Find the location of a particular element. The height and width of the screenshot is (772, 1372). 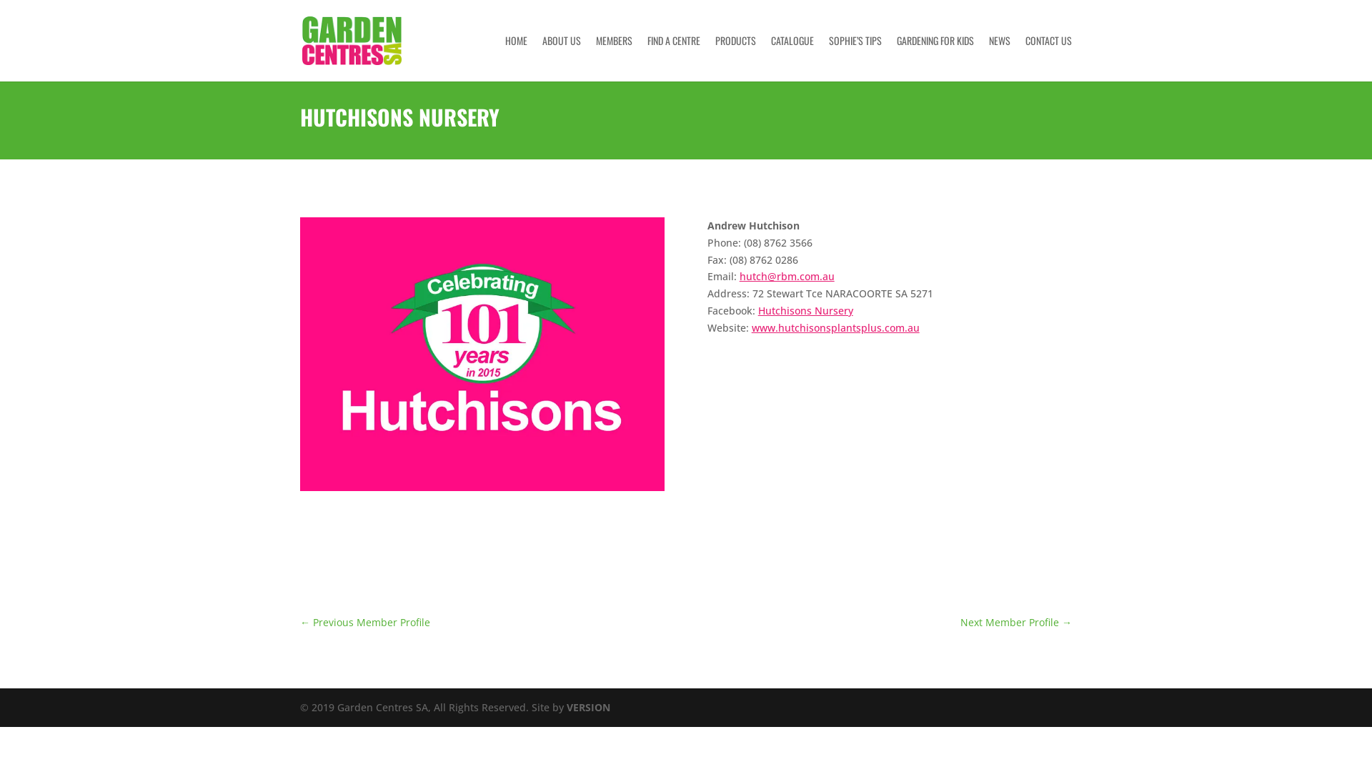

'GARDENING FOR KIDS' is located at coordinates (935, 57).